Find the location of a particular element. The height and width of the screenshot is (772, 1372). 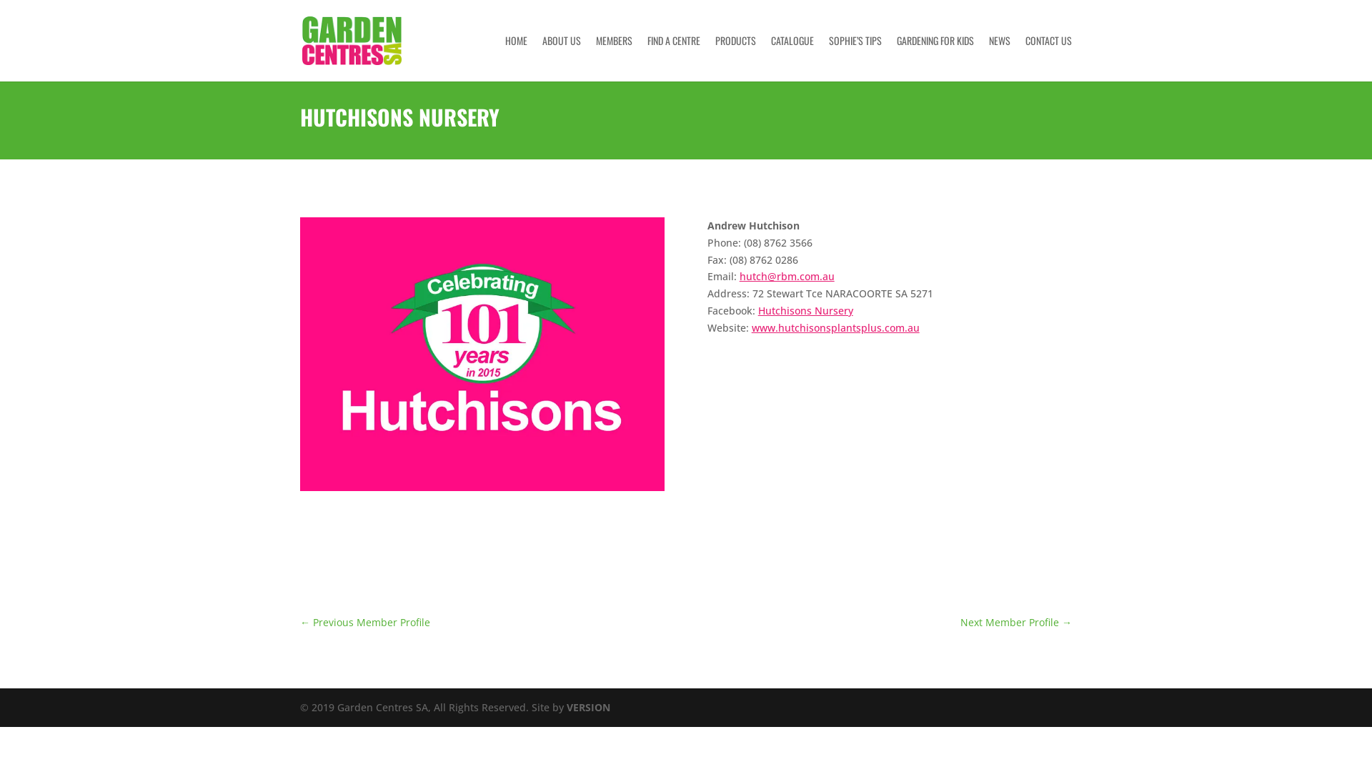

'GARDENING FOR KIDS' is located at coordinates (935, 57).